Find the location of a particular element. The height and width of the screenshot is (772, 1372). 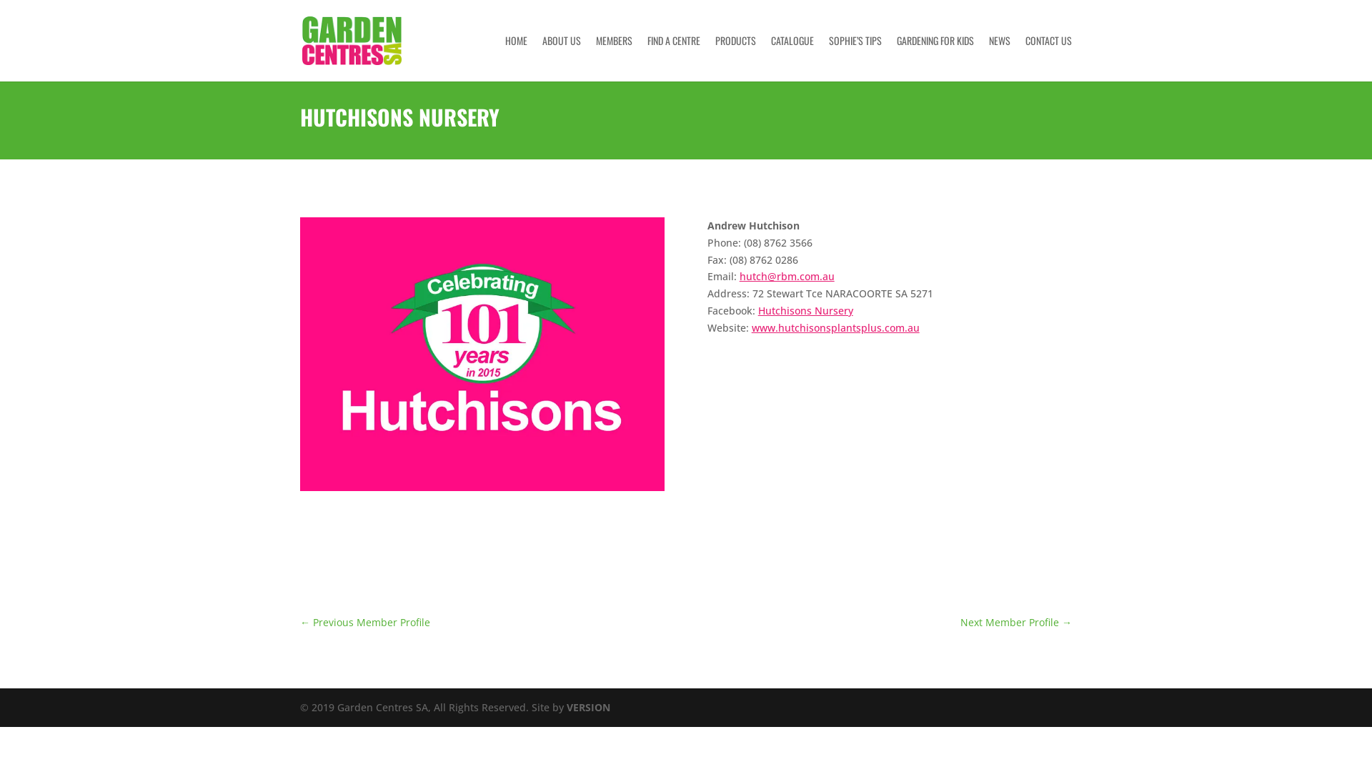

'GARDENING FOR KIDS' is located at coordinates (935, 57).